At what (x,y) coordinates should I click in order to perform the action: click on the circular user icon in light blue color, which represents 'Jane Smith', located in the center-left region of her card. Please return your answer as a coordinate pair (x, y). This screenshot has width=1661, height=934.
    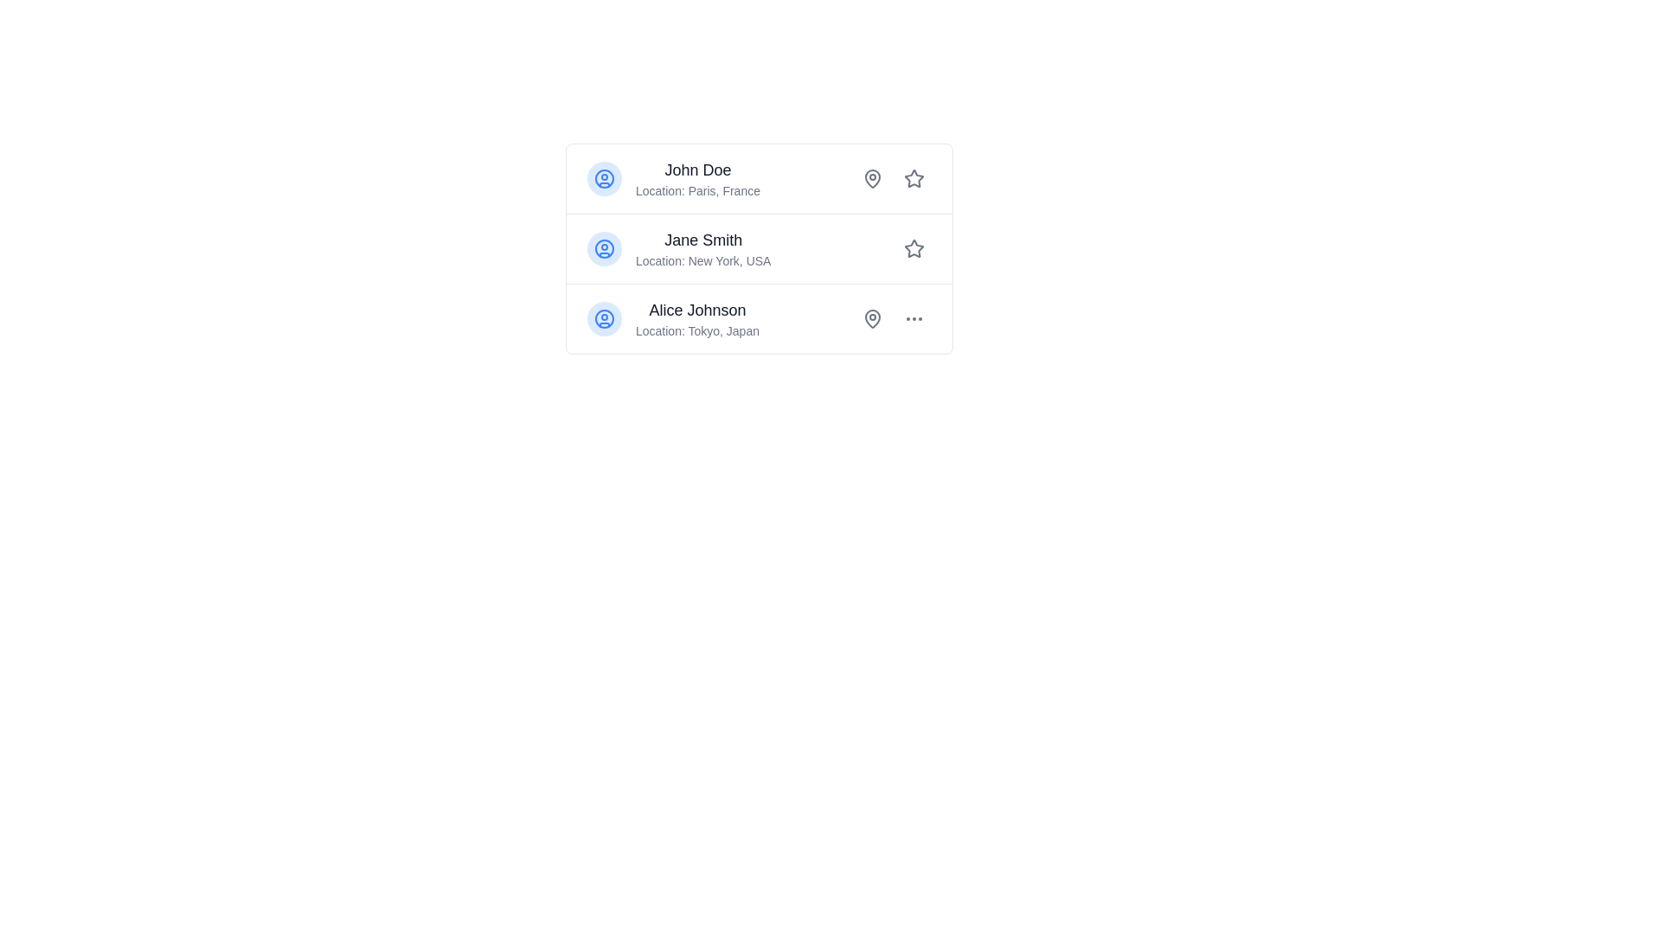
    Looking at the image, I should click on (605, 249).